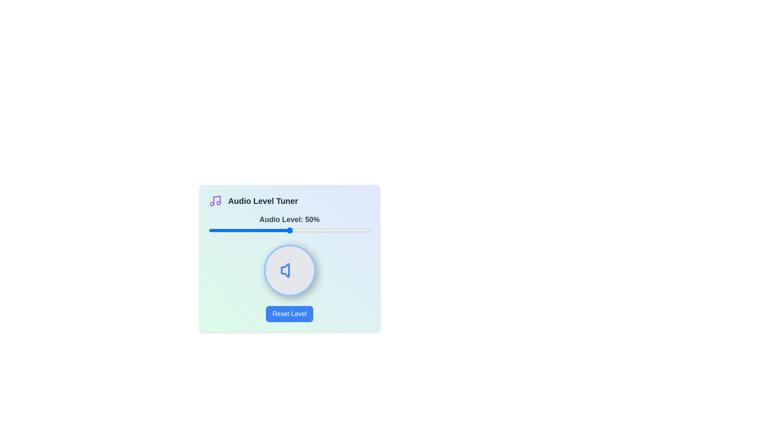  What do you see at coordinates (356, 230) in the screenshot?
I see `the audio level to 91% by dragging the slider` at bounding box center [356, 230].